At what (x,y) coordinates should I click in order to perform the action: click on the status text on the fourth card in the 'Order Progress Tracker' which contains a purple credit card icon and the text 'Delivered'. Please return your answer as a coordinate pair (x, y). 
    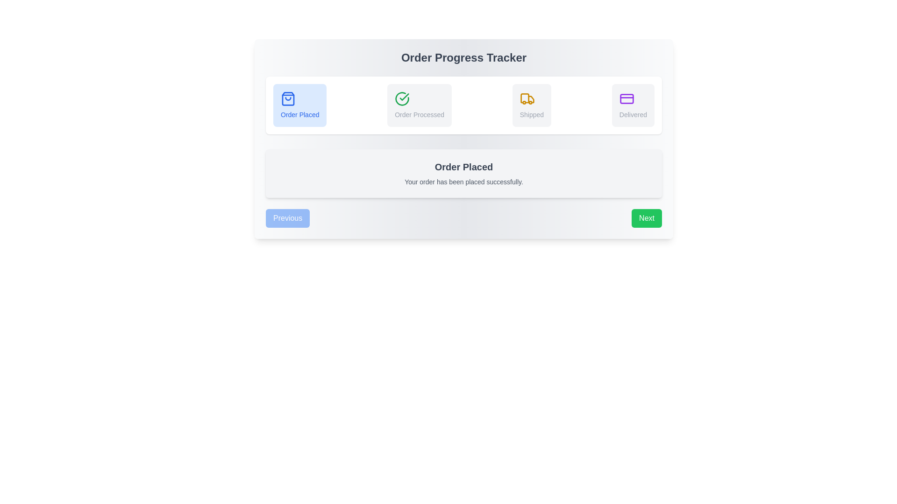
    Looking at the image, I should click on (633, 105).